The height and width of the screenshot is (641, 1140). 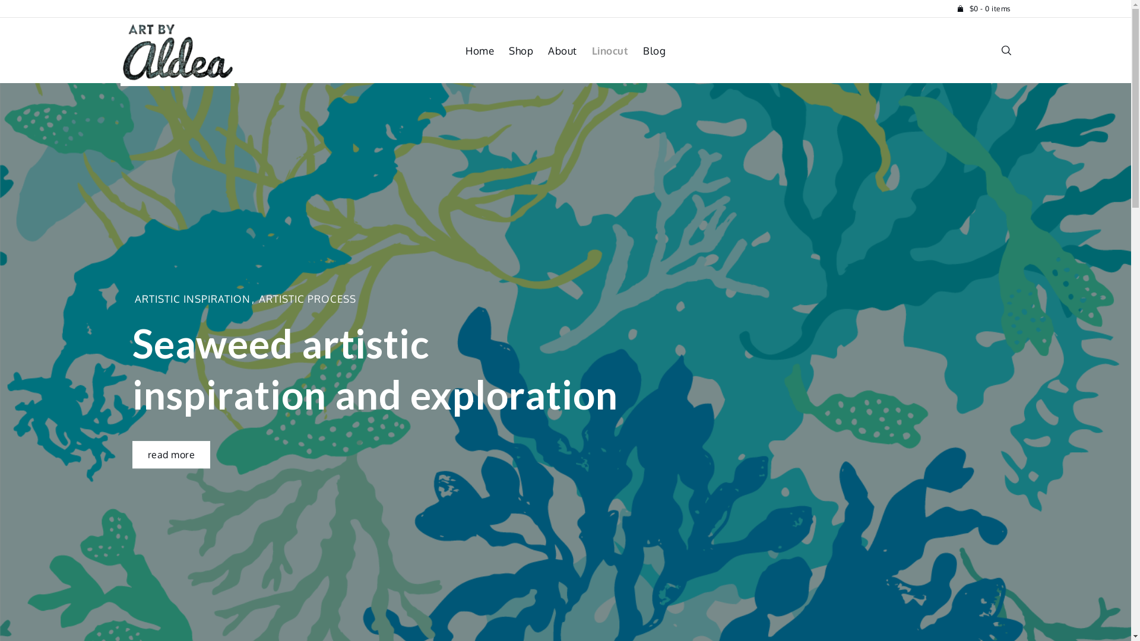 I want to click on 'Linocut', so click(x=591, y=50).